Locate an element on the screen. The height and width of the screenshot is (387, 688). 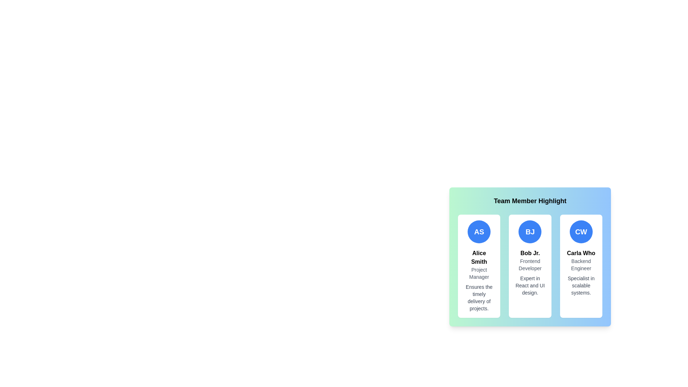
static text label that contains the text 'Frontend Developer', which is styled in a smaller gray font and located under the name 'Bob Jr.' and above the description 'Expert in React and UI design.' is located at coordinates (530, 265).